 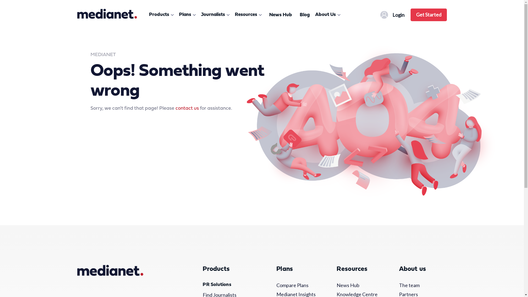 I want to click on 'nav-profile-icon', so click(x=380, y=15).